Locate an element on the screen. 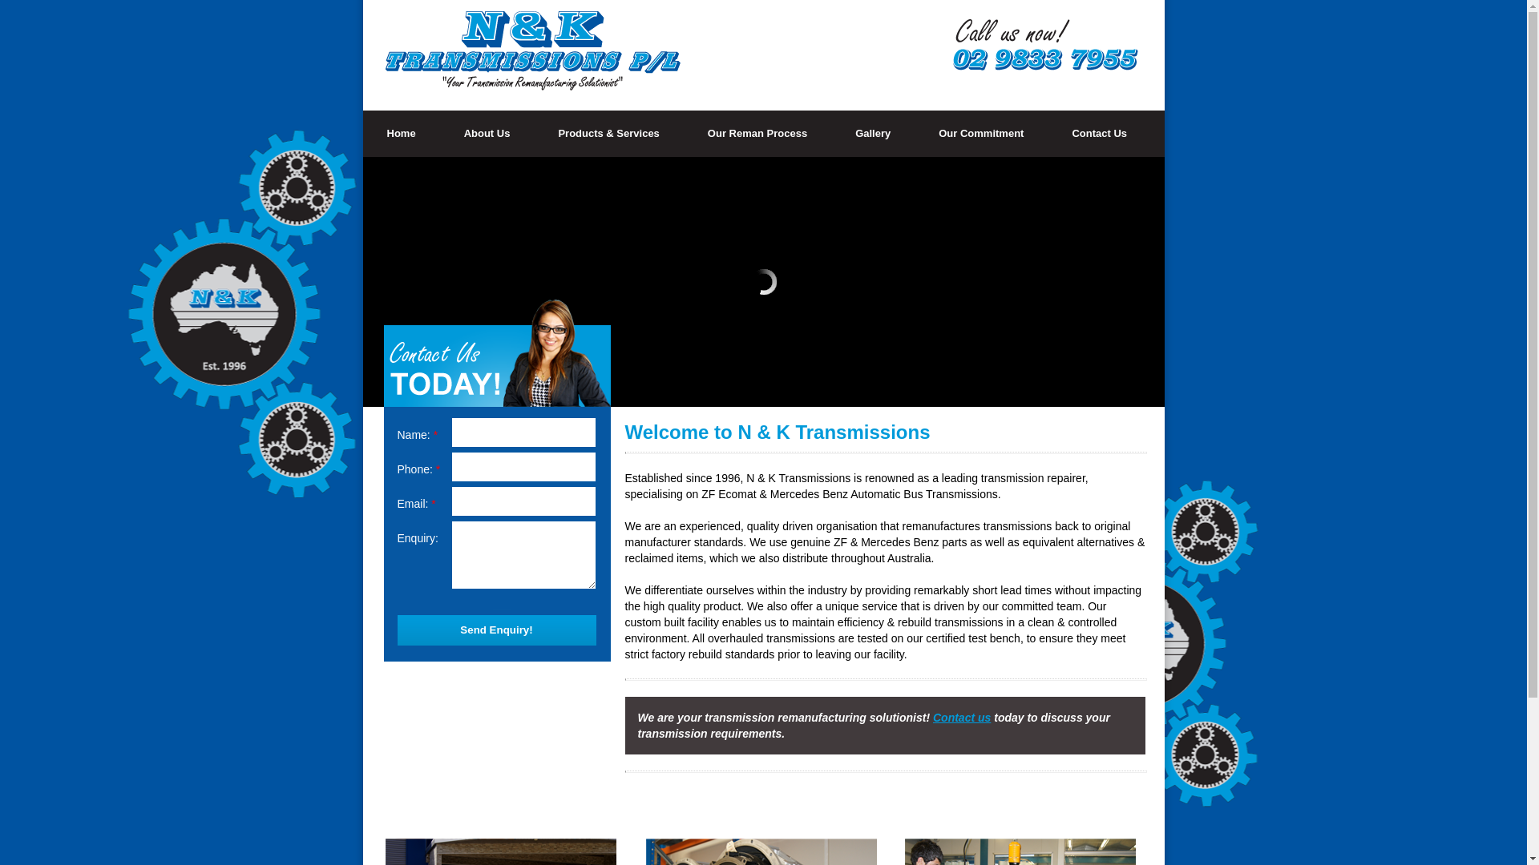 The height and width of the screenshot is (865, 1539). 'Our Reman Process' is located at coordinates (757, 132).